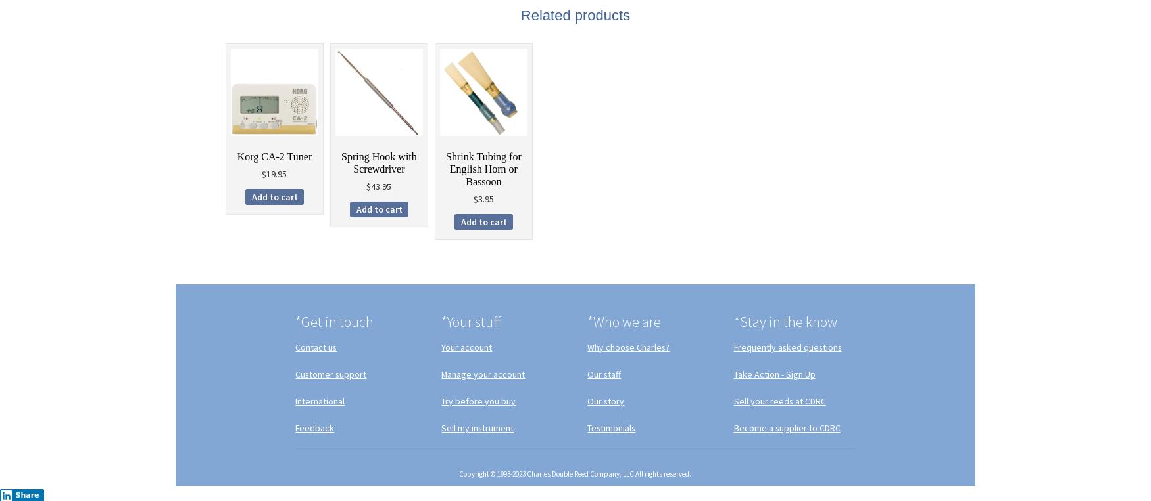 This screenshot has width=1151, height=501. Describe the element at coordinates (478, 401) in the screenshot. I see `'Try before you buy'` at that location.